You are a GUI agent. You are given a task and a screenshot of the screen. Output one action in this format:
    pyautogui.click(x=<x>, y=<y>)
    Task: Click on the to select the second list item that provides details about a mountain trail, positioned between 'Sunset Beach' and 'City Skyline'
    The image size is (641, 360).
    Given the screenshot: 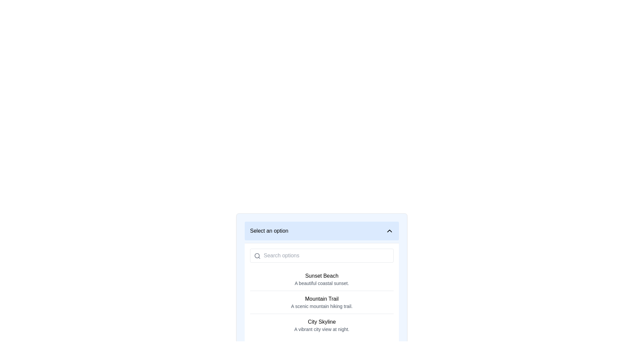 What is the action you would take?
    pyautogui.click(x=322, y=302)
    